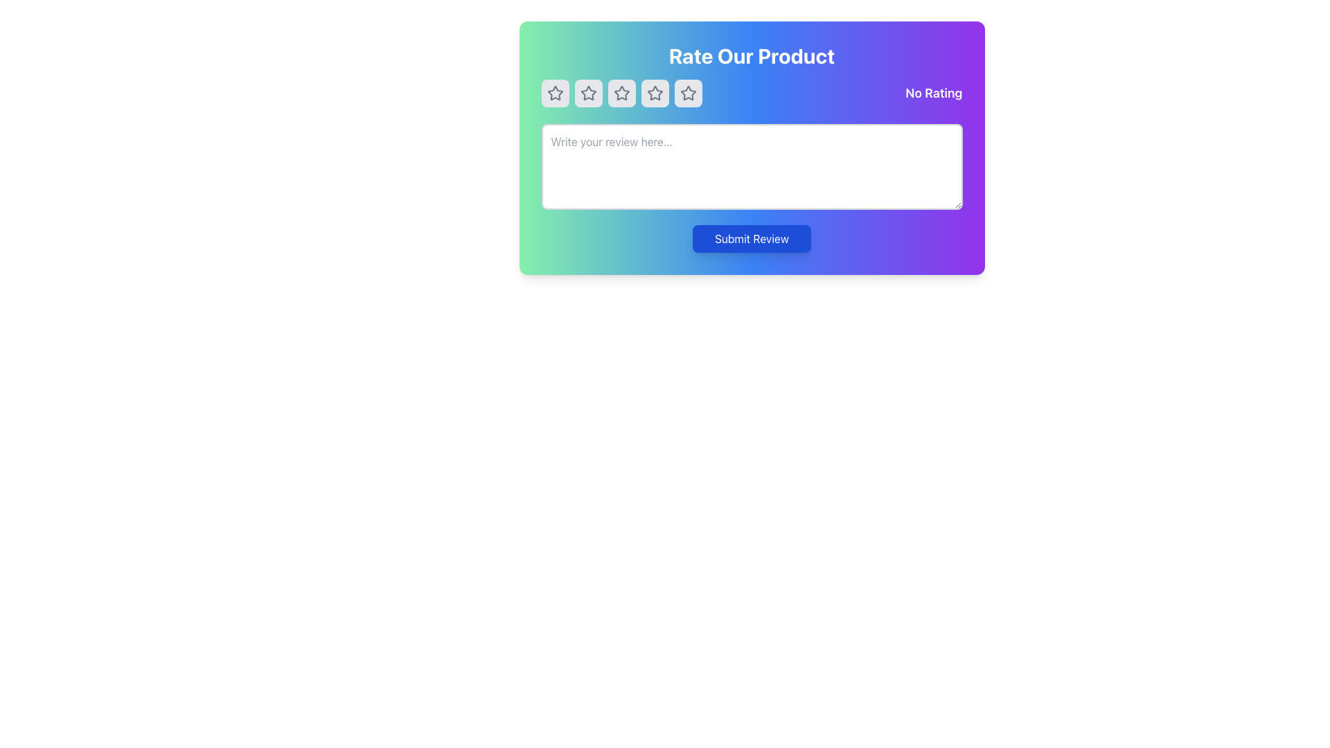 The image size is (1330, 748). Describe the element at coordinates (688, 93) in the screenshot. I see `the fifth rounded rectangular button with a gray background and a star icon` at that location.